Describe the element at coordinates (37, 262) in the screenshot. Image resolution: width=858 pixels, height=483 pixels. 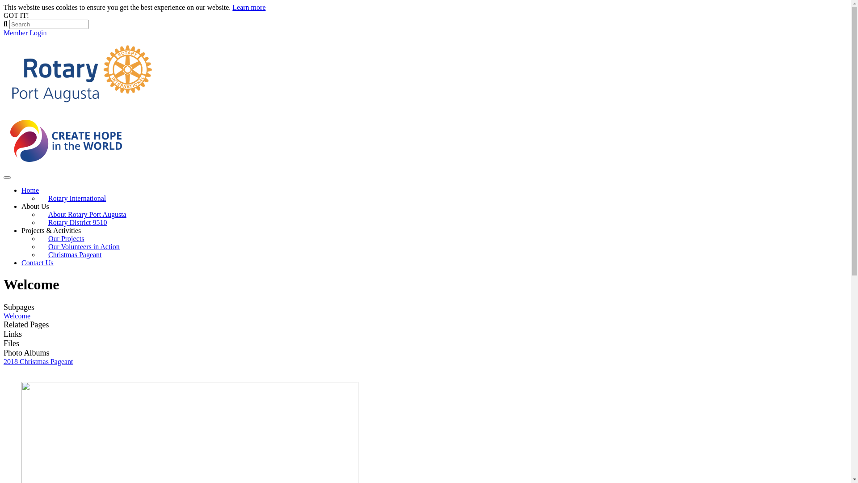
I see `'Contact Us'` at that location.